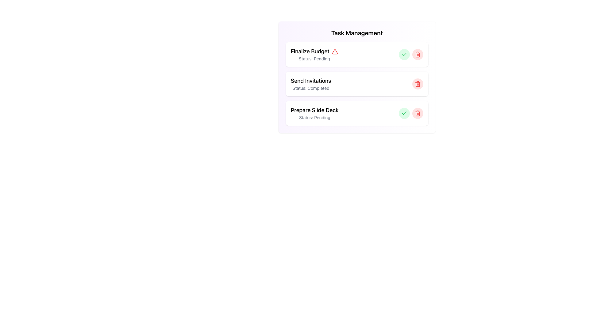 This screenshot has width=589, height=331. What do you see at coordinates (418, 54) in the screenshot?
I see `the red trash can icon button located in the top-right corner of the 'Finalize Budget' task entry` at bounding box center [418, 54].